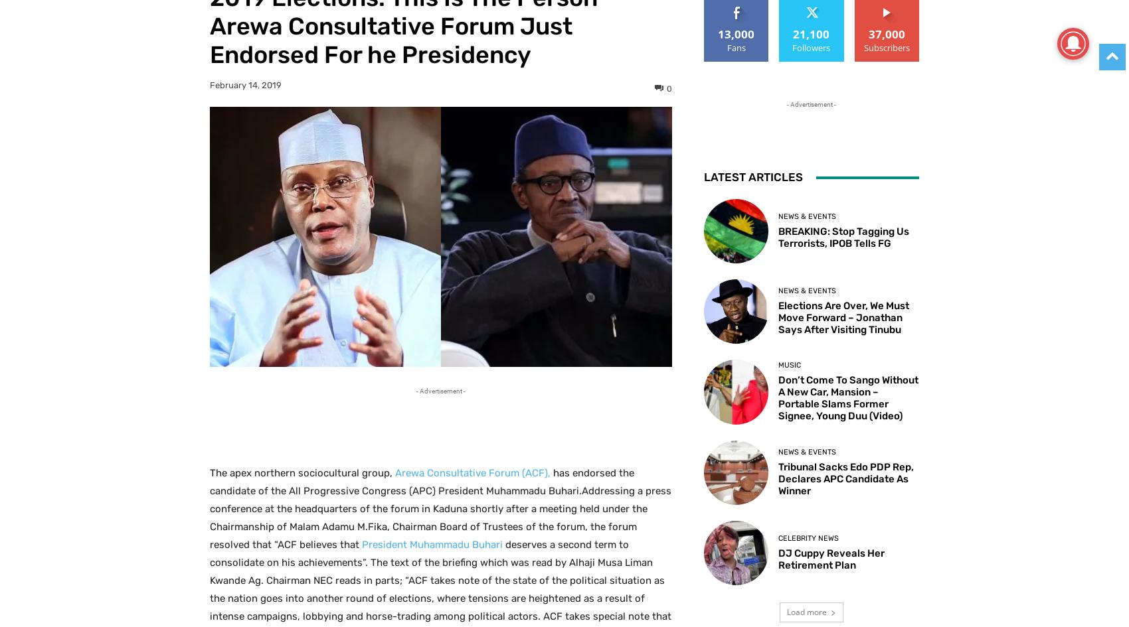 This screenshot has height=627, width=1129. Describe the element at coordinates (666, 87) in the screenshot. I see `'0'` at that location.